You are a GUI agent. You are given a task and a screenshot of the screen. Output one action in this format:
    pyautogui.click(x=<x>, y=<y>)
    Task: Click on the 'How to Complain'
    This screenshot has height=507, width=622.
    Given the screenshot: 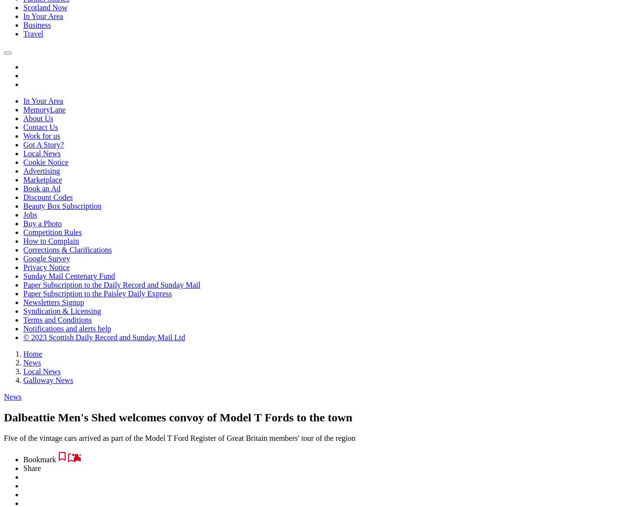 What is the action you would take?
    pyautogui.click(x=50, y=241)
    